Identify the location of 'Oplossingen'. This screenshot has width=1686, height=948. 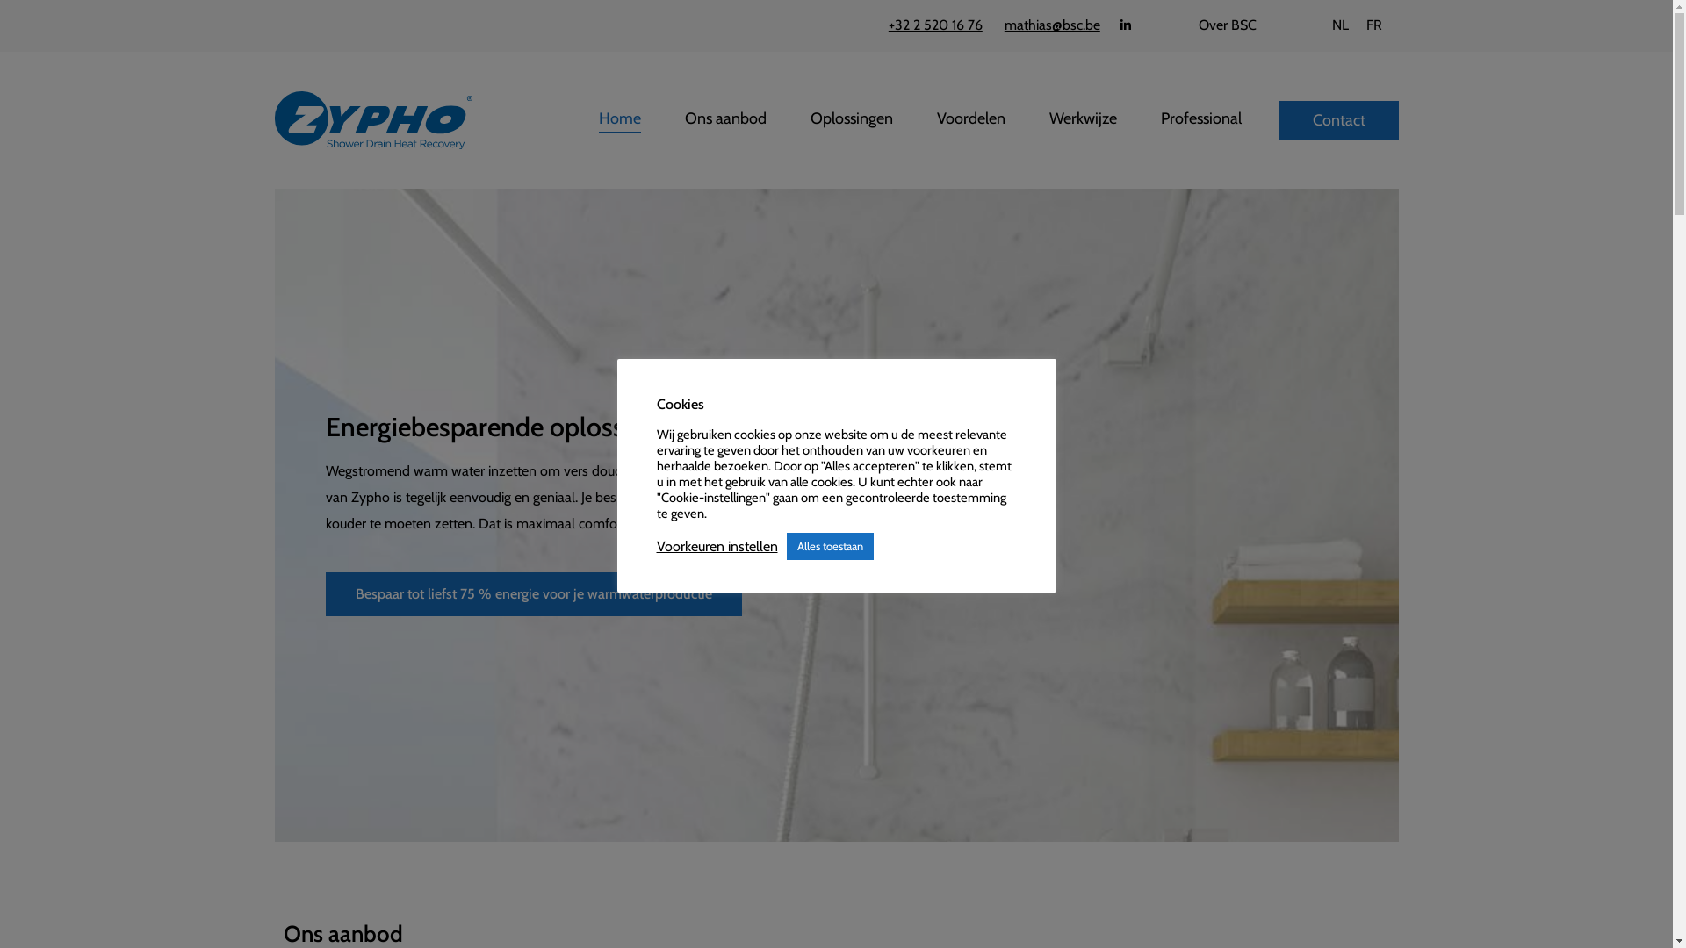
(851, 118).